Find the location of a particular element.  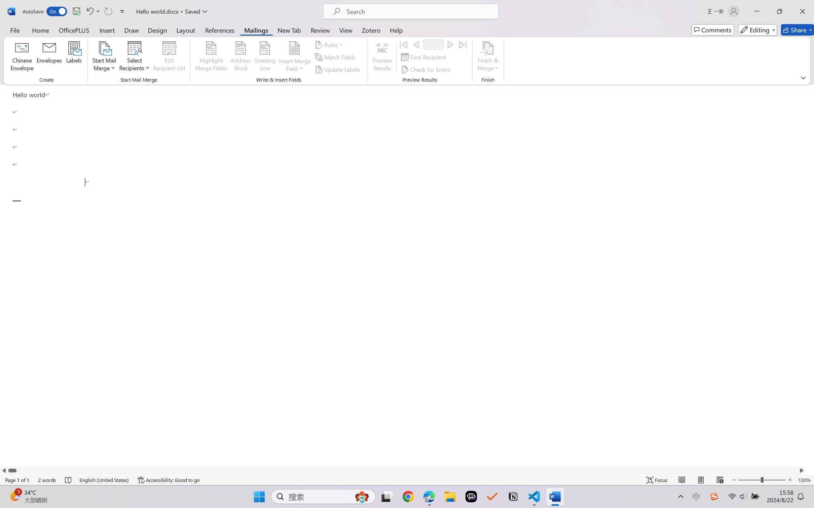

'AutoSave' is located at coordinates (45, 11).